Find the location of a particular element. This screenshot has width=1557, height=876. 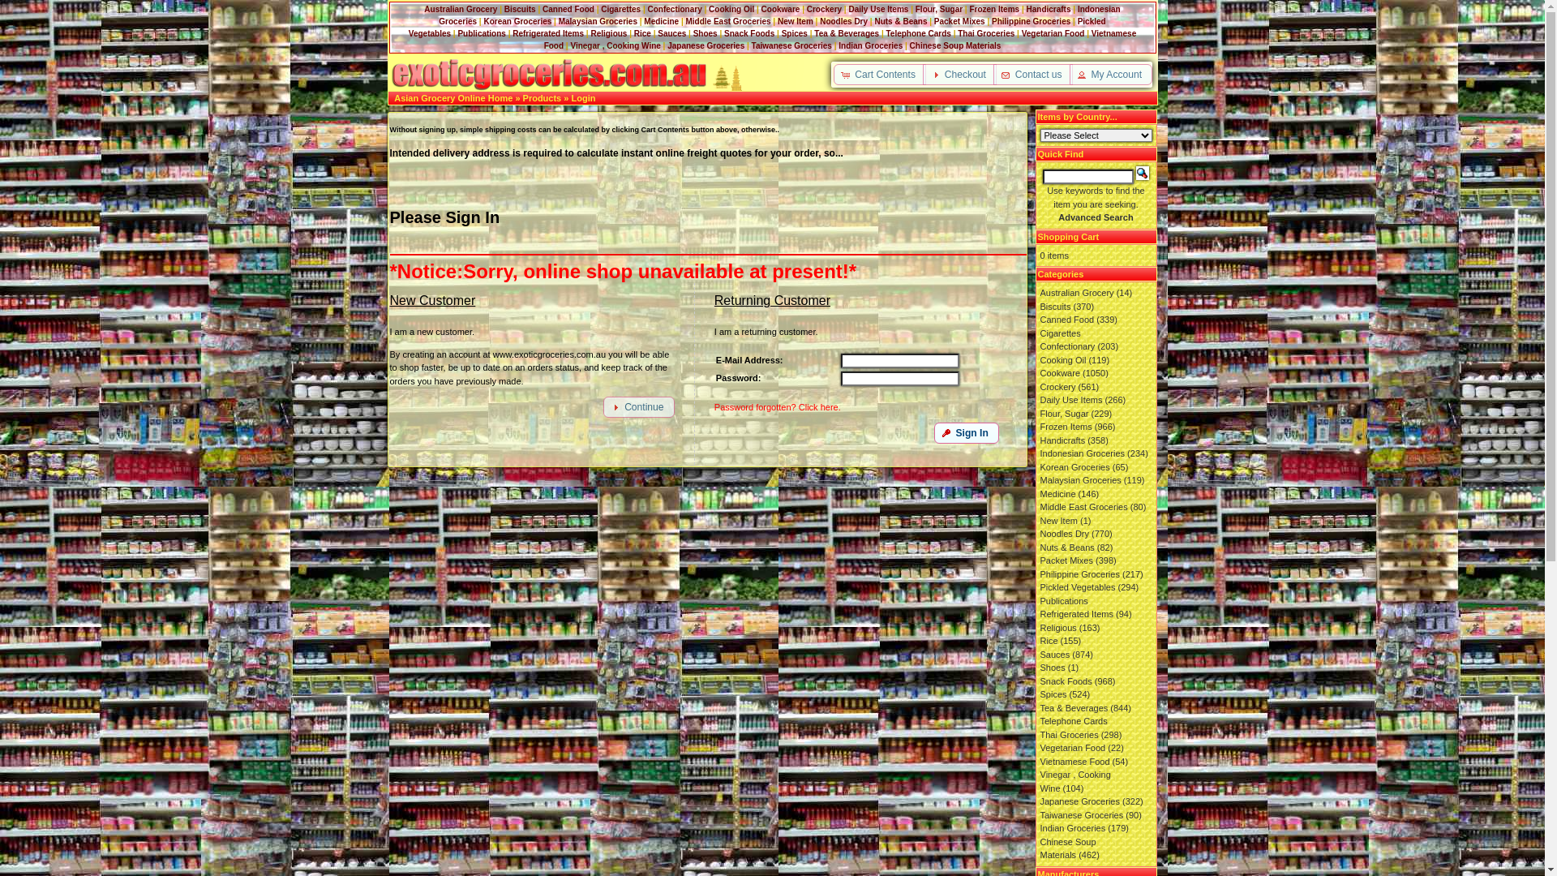

'Packet Mixes' is located at coordinates (934, 21).